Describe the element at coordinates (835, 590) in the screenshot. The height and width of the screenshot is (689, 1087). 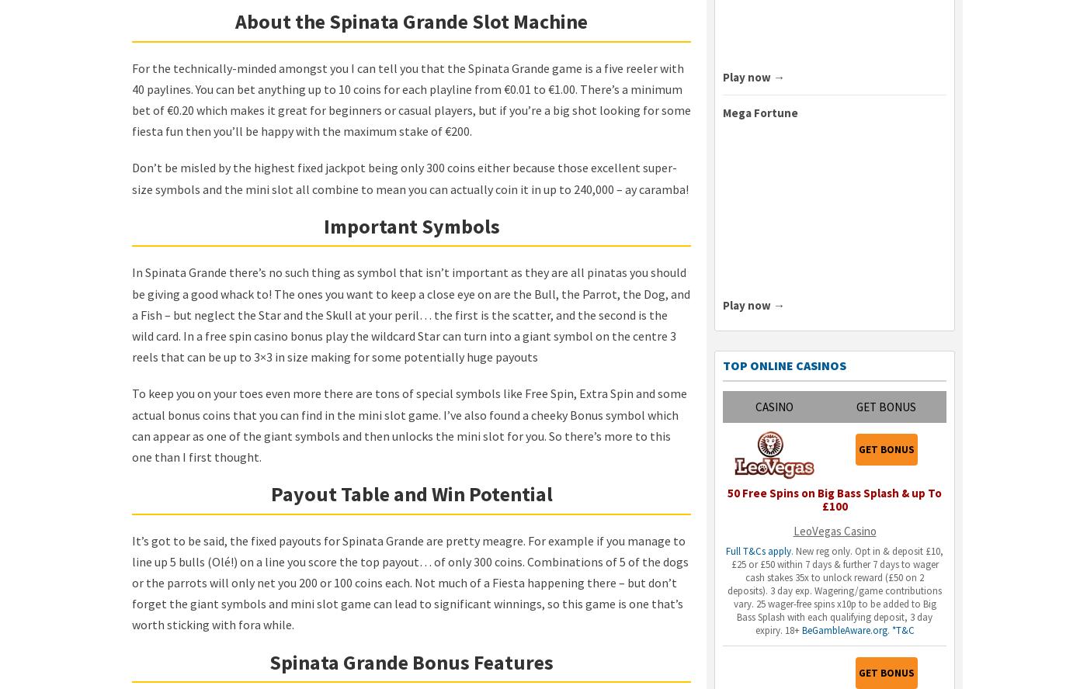
I see `'. New reg only. Opt in & deposit £10, £25 or £50 within 7 days & further 7 days to wager cash stakes 35x to unlock reward (£50 on 2 deposits). 3 day exp. Wagering/game contributions vary. 25 wager-free spins x10p to be added to Big Bass Splash with each qualifying deposit, 3 day expiry. 18+'` at that location.